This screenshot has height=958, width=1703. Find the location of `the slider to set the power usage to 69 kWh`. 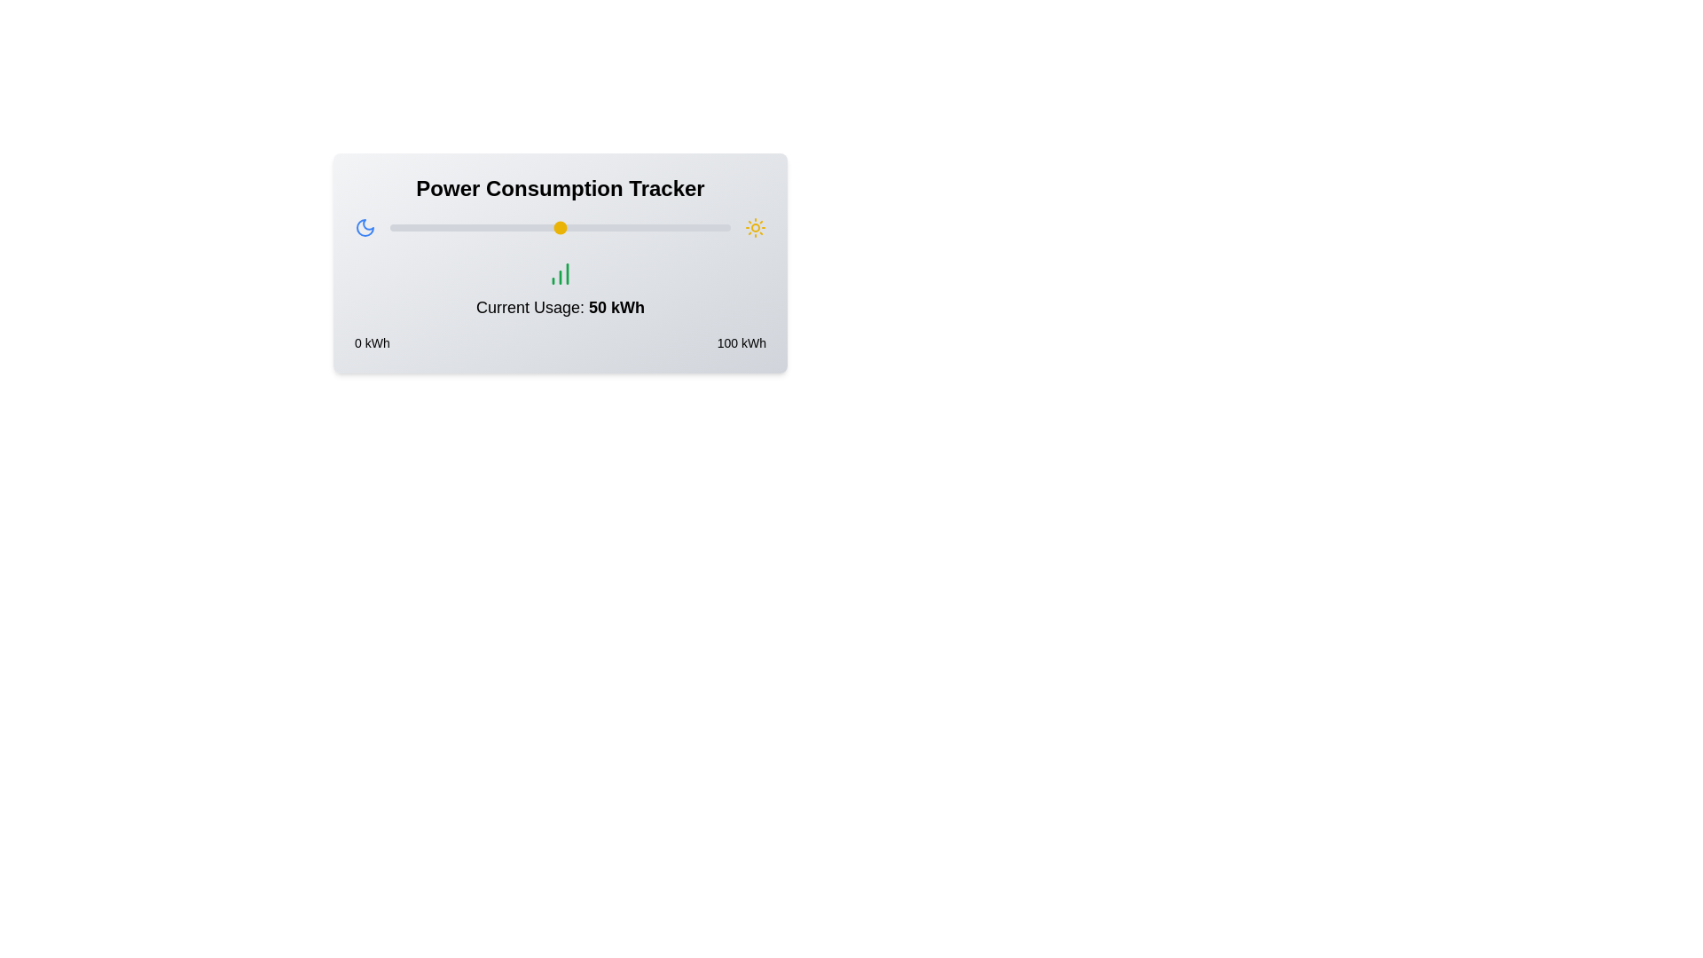

the slider to set the power usage to 69 kWh is located at coordinates (625, 227).